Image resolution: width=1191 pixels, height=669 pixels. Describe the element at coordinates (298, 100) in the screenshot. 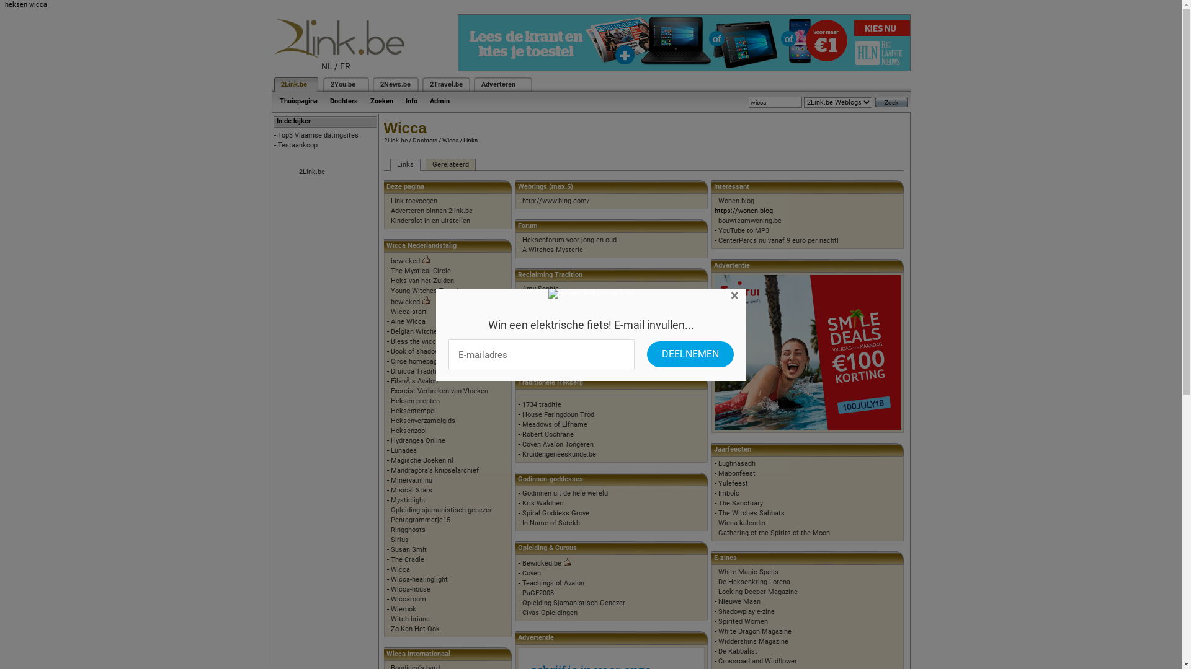

I see `'Thuispagina'` at that location.